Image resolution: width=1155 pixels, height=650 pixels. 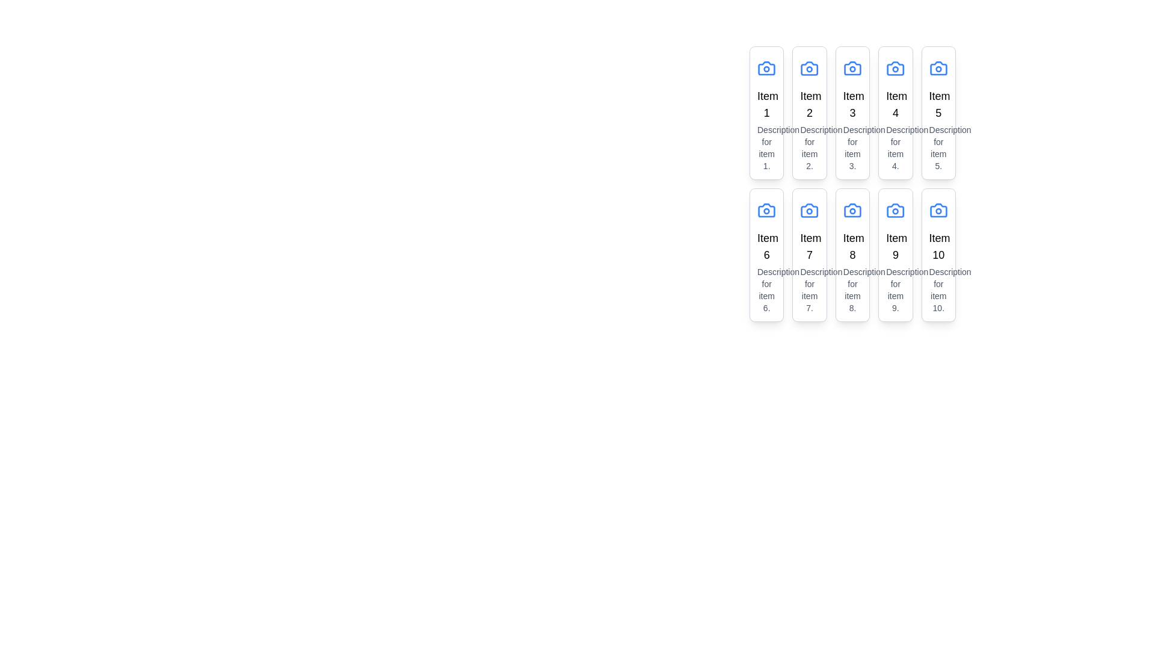 What do you see at coordinates (852, 210) in the screenshot?
I see `the camera icon with a blue outline located at the top-center of the card labeled 'Item 8' to interact with it` at bounding box center [852, 210].